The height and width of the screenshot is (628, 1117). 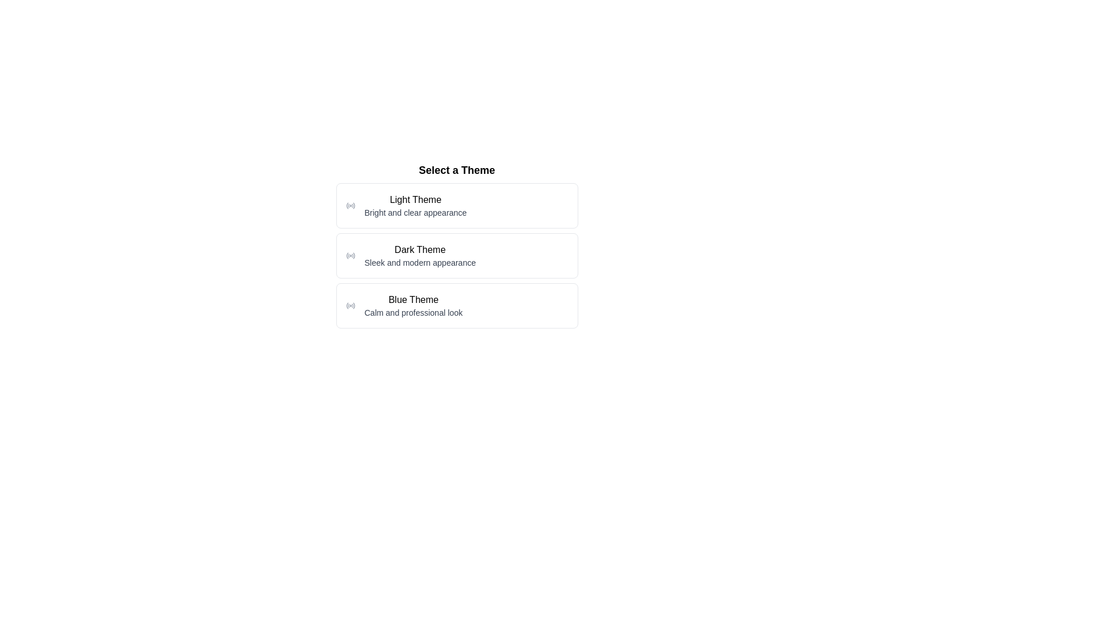 What do you see at coordinates (456, 255) in the screenshot?
I see `the second item in the theme selection list` at bounding box center [456, 255].